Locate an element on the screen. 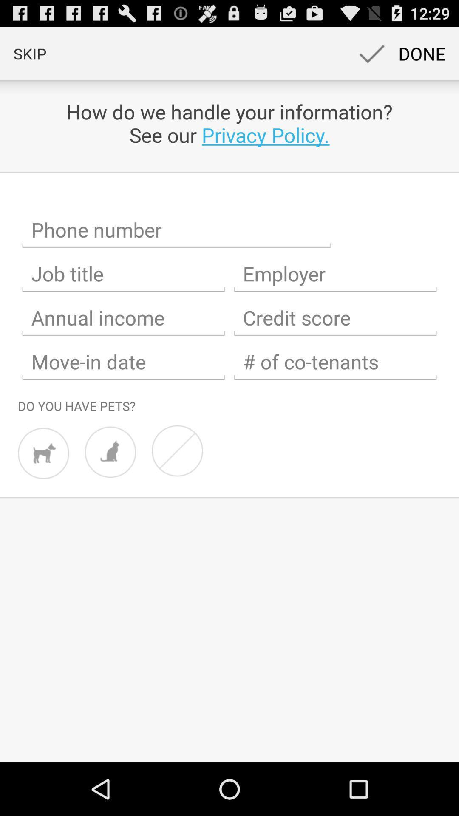 The height and width of the screenshot is (816, 459). share the article is located at coordinates (176, 230).